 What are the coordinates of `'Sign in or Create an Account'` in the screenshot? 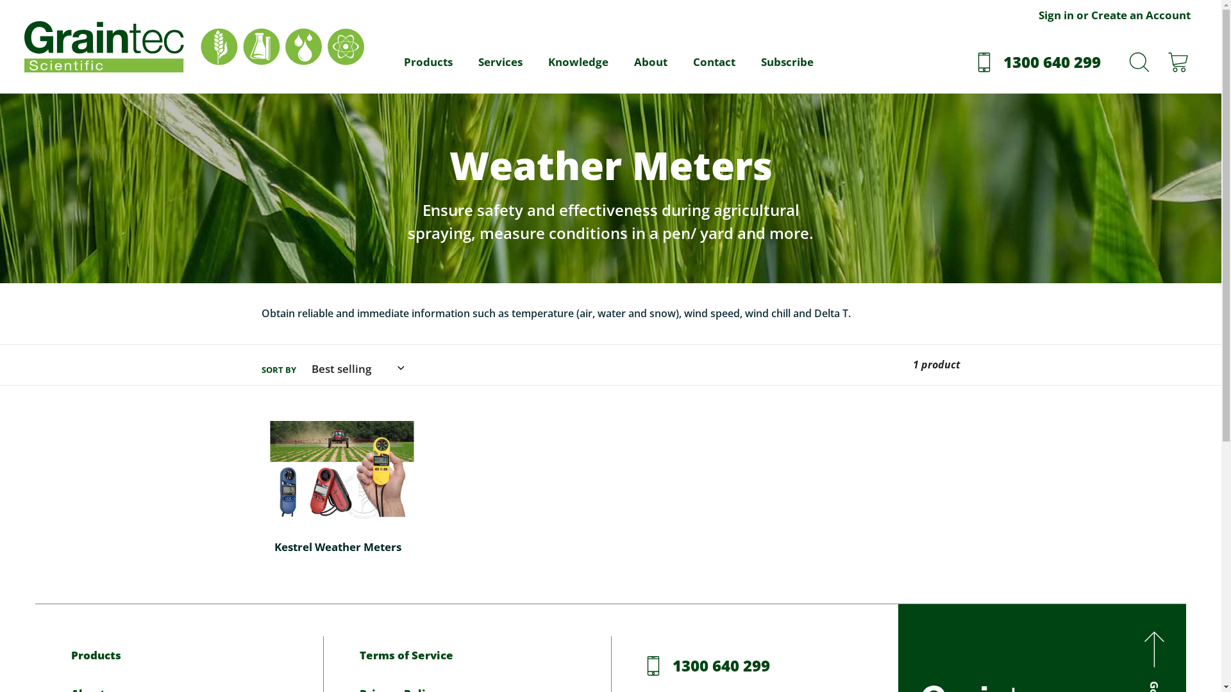 It's located at (1114, 17).